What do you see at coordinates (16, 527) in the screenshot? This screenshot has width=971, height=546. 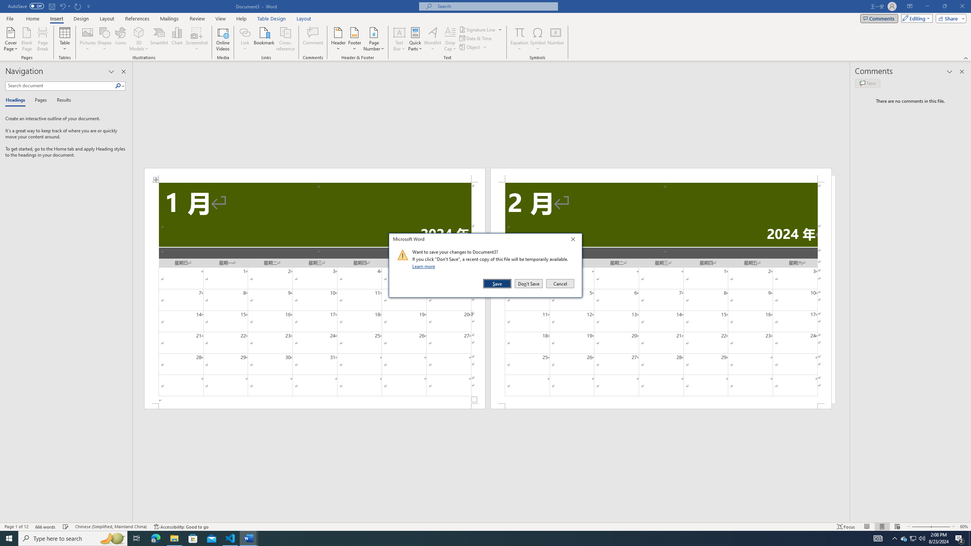 I see `'Page Number Page 1 of 12'` at bounding box center [16, 527].